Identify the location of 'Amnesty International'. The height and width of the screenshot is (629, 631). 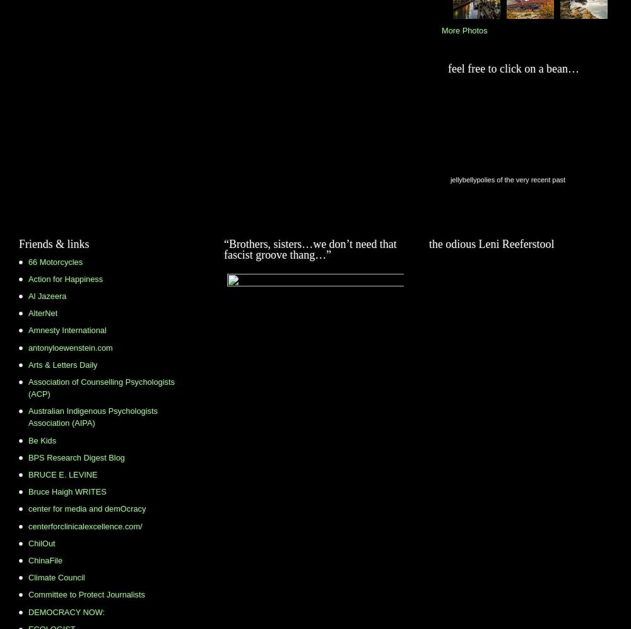
(66, 329).